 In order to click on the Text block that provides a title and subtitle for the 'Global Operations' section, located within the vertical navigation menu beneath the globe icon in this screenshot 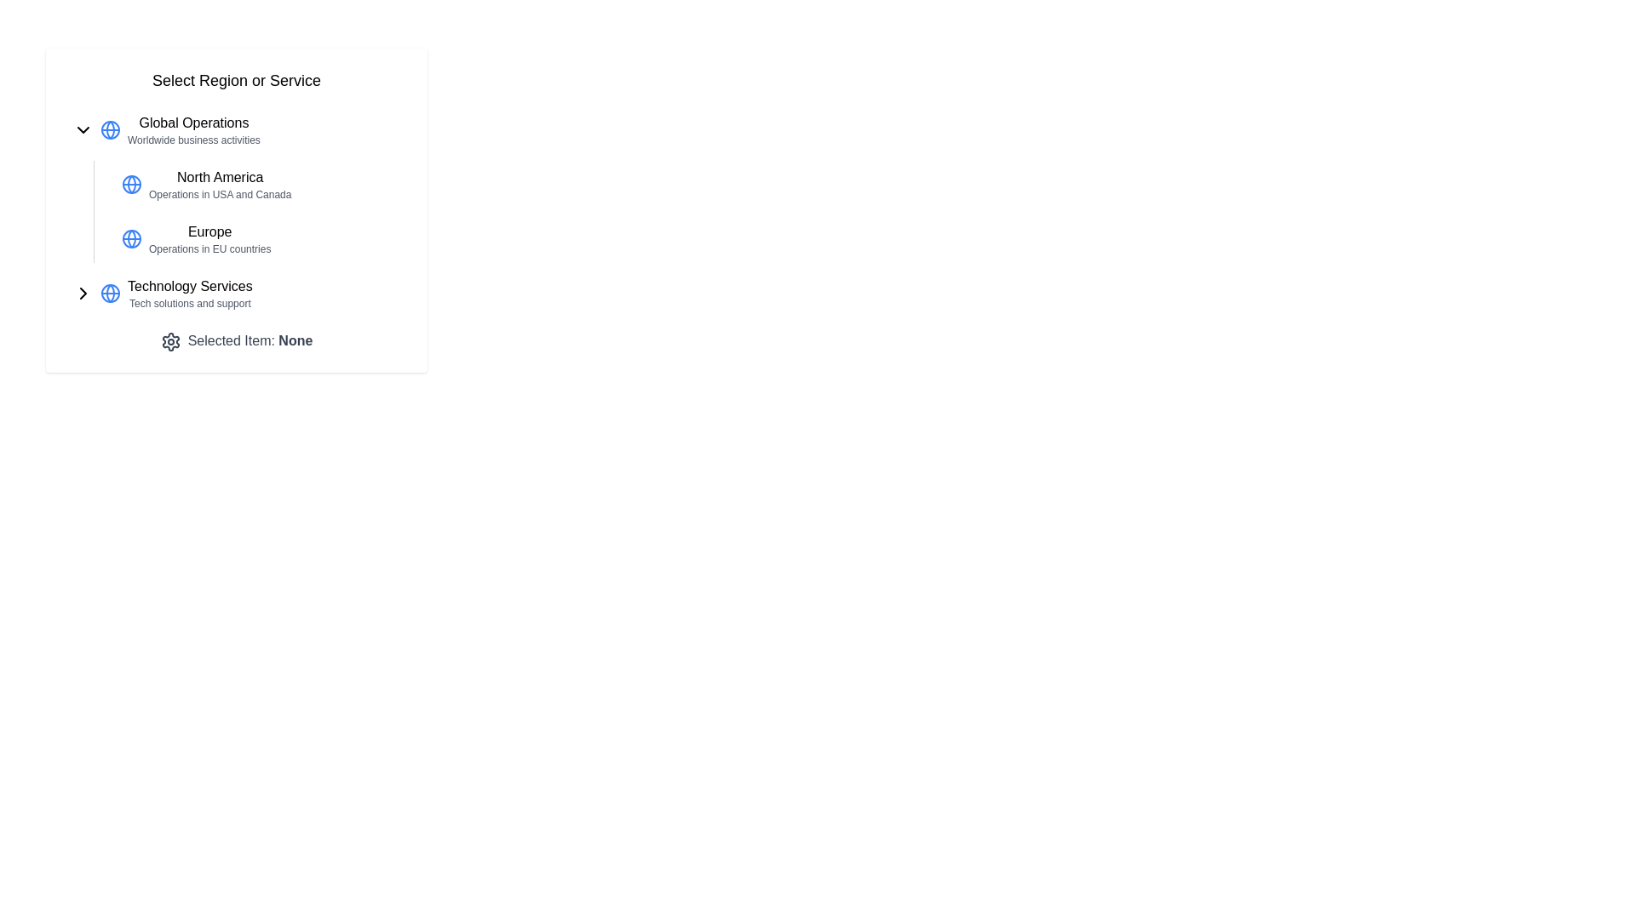, I will do `click(193, 129)`.